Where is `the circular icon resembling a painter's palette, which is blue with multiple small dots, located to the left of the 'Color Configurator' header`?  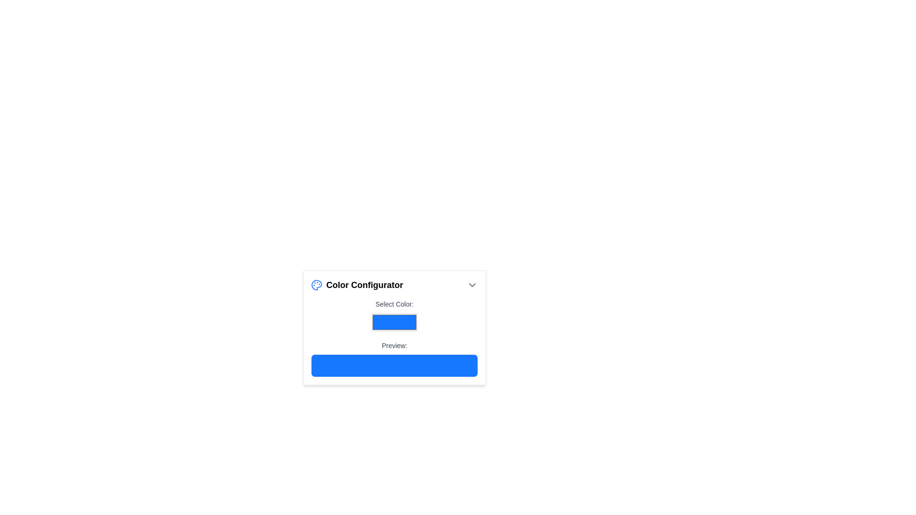
the circular icon resembling a painter's palette, which is blue with multiple small dots, located to the left of the 'Color Configurator' header is located at coordinates (316, 284).